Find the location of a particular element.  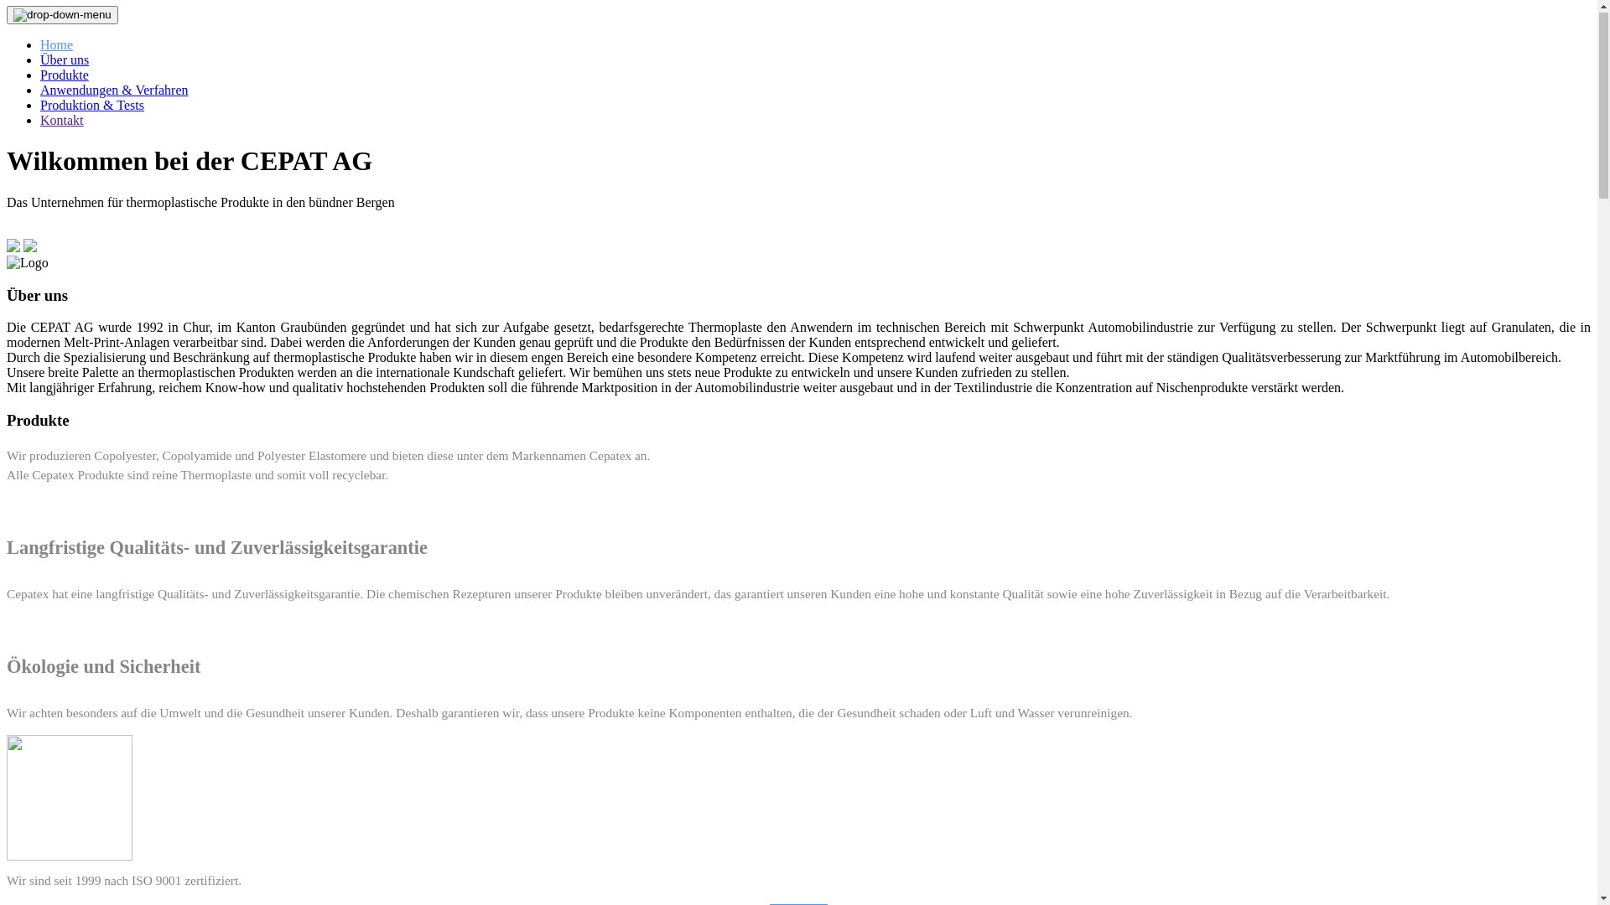

'Produktion & Tests' is located at coordinates (91, 106).